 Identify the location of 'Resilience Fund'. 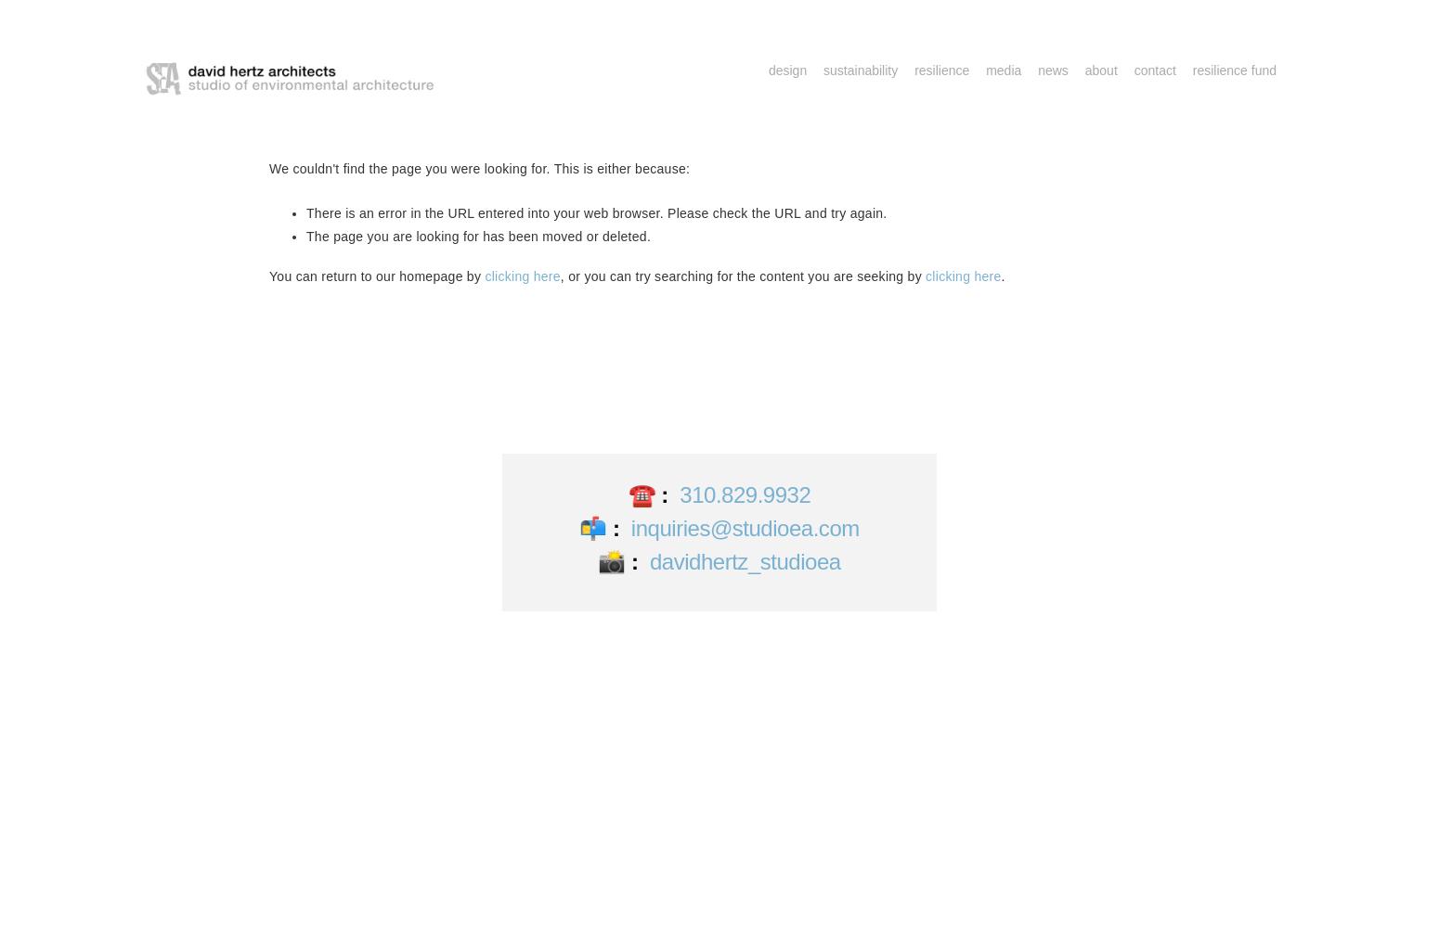
(1234, 70).